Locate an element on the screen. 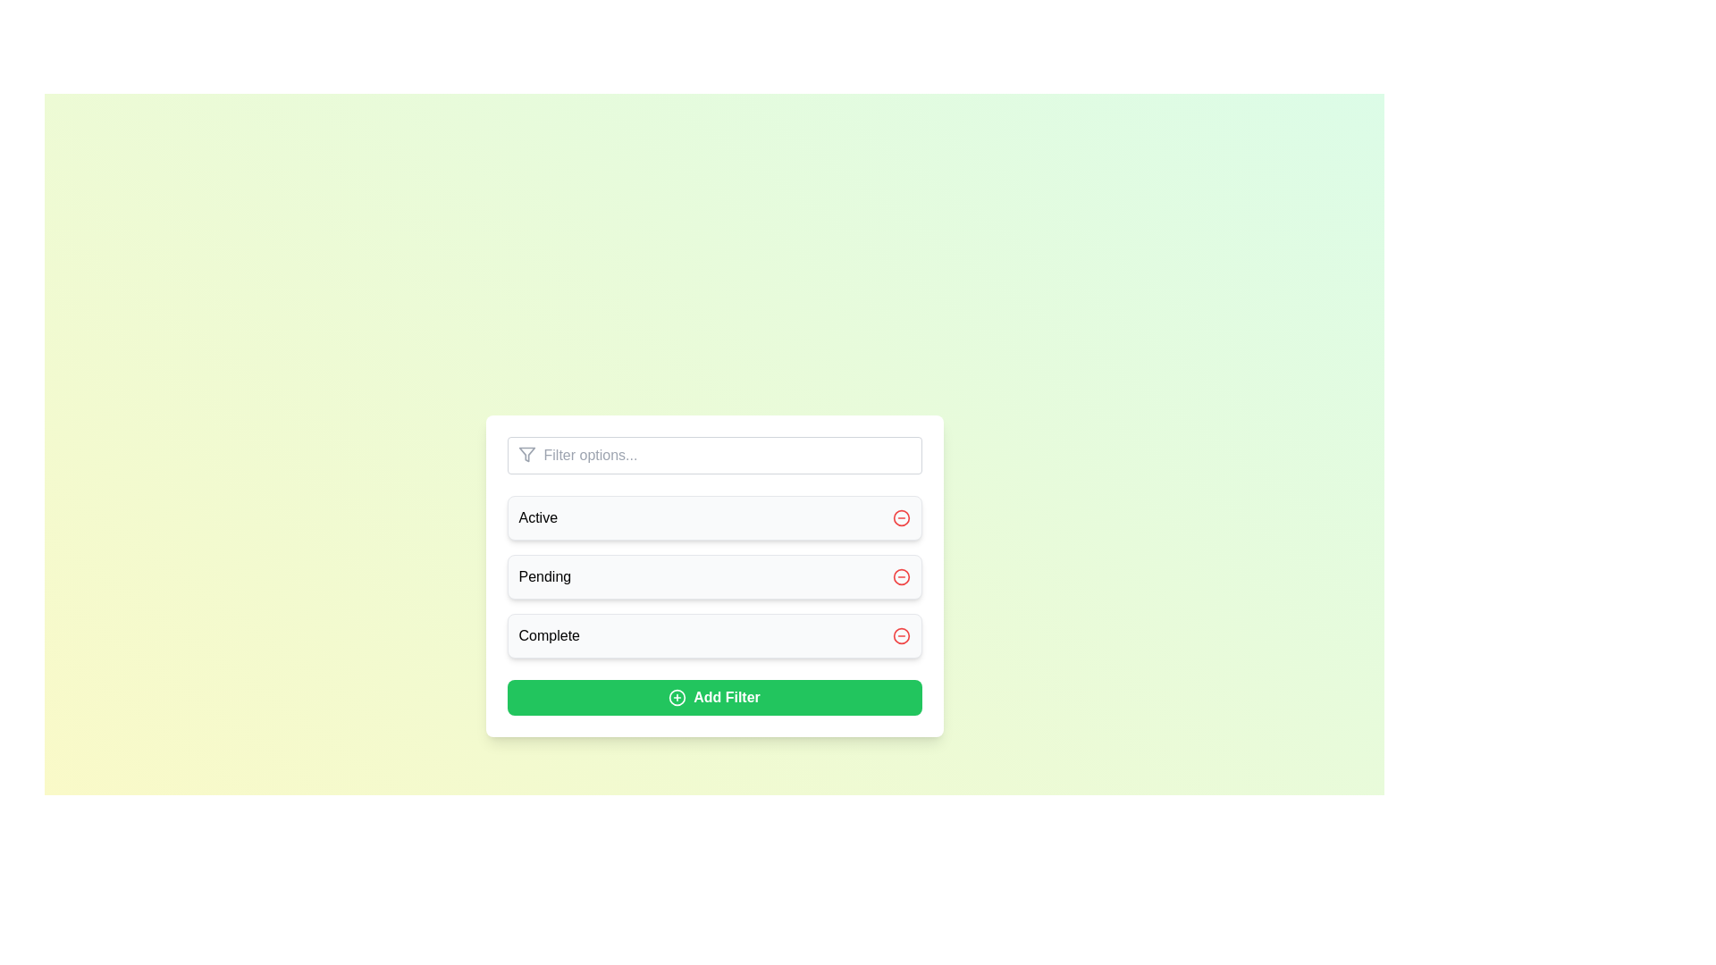 The width and height of the screenshot is (1716, 965). the minus icon button styled in red, located to the right of the 'Pending' label in the second item of the list is located at coordinates (901, 576).